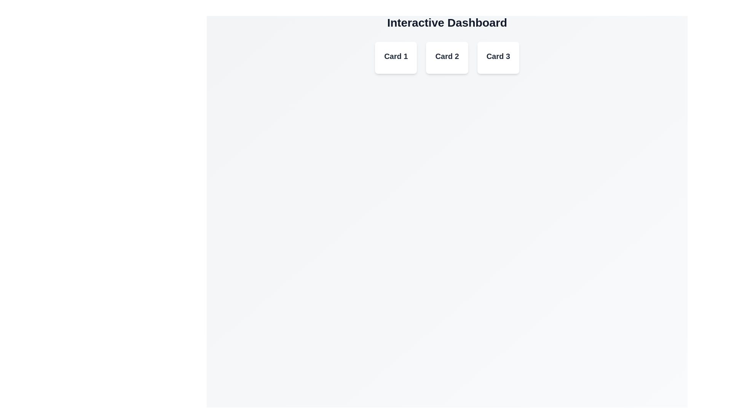 The width and height of the screenshot is (731, 411). Describe the element at coordinates (447, 57) in the screenshot. I see `the card-style component within the grid layout that is below the 'Interactive Dashboard' heading` at that location.